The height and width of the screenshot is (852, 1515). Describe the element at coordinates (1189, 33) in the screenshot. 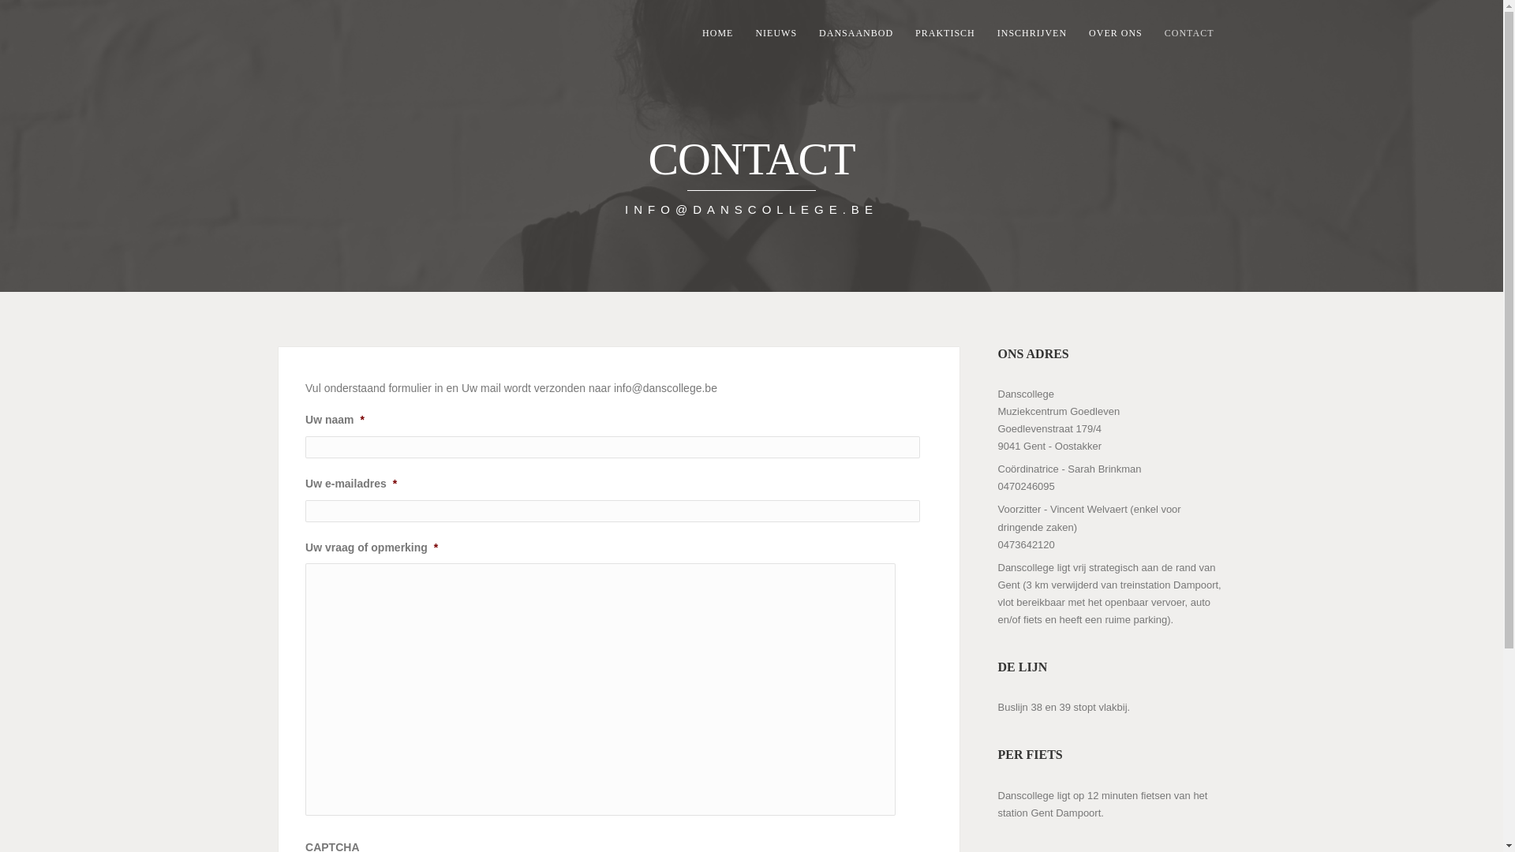

I see `'CONTACT'` at that location.